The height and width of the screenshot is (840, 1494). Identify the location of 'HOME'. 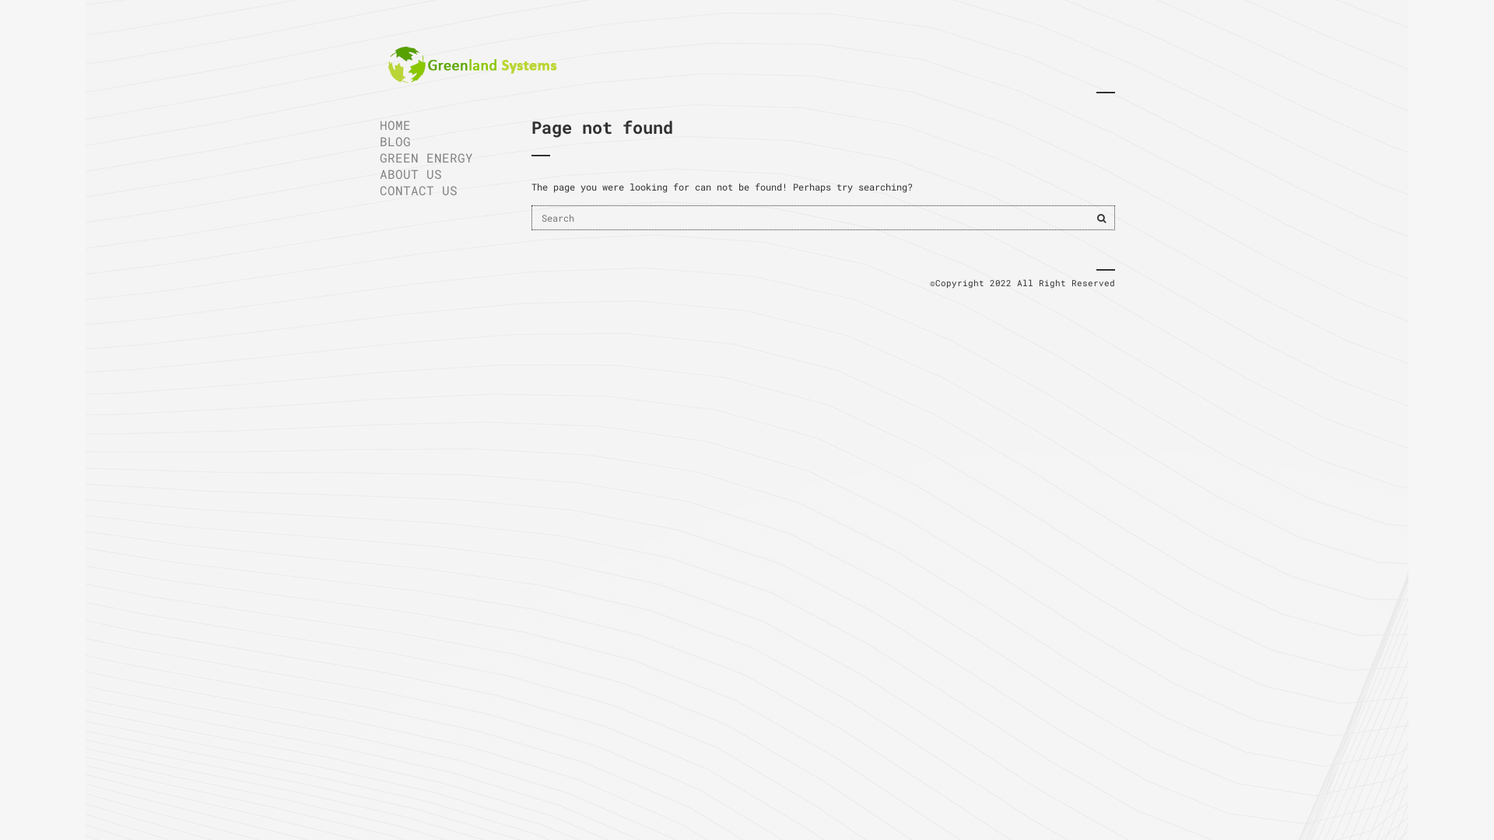
(443, 124).